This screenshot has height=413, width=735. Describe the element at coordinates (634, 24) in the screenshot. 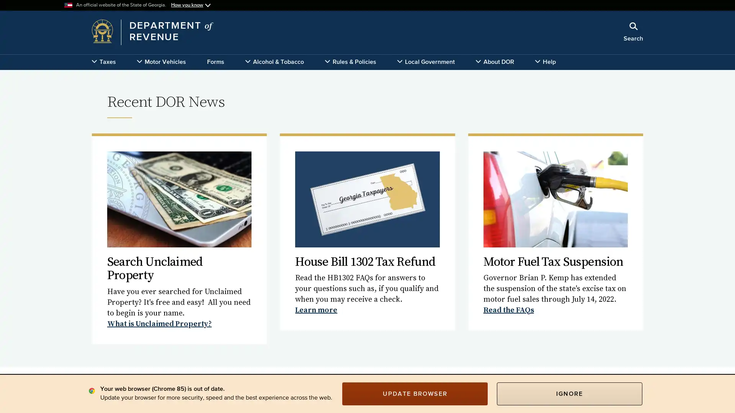

I see `Close` at that location.